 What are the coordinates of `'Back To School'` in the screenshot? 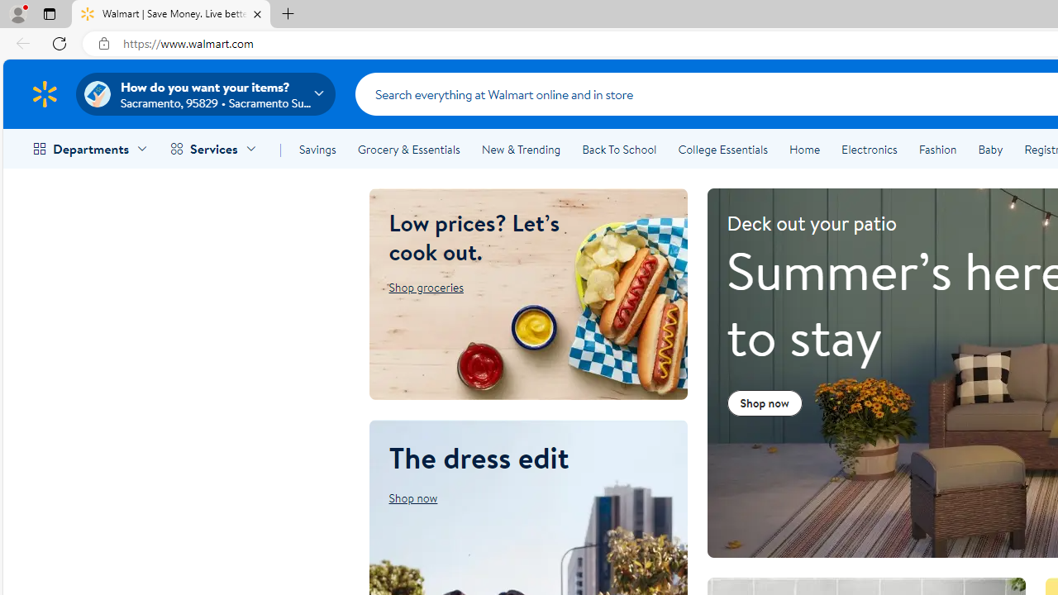 It's located at (618, 150).